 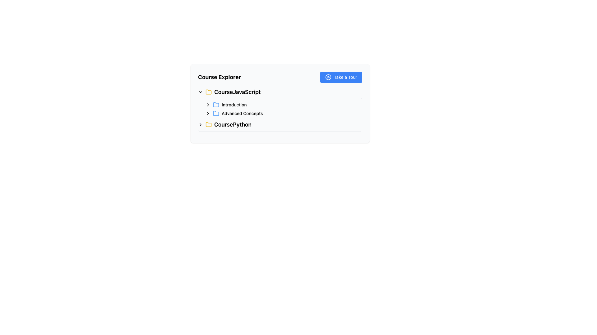 What do you see at coordinates (208, 114) in the screenshot?
I see `the Chevron button located to the left of 'Advanced Concepts'` at bounding box center [208, 114].